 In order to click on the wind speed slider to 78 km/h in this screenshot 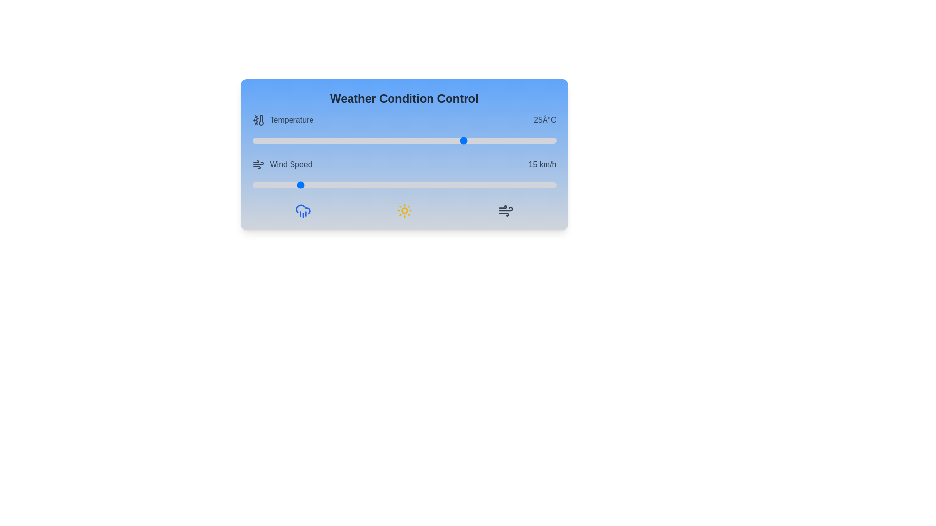, I will do `click(489, 185)`.